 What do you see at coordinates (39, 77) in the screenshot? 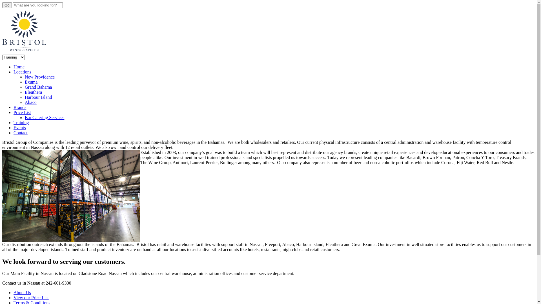
I see `'New Providence'` at bounding box center [39, 77].